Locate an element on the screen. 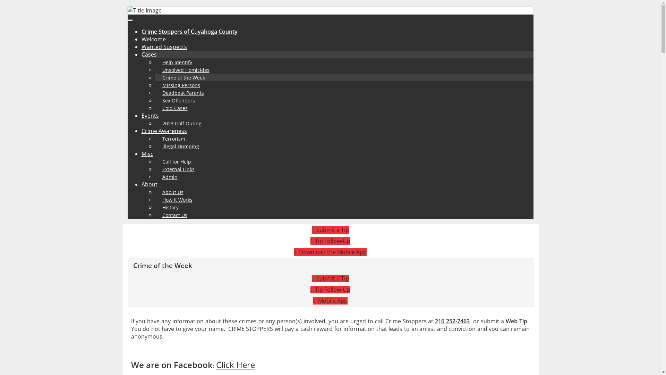 The image size is (666, 375). 'Click Here' is located at coordinates (235, 364).